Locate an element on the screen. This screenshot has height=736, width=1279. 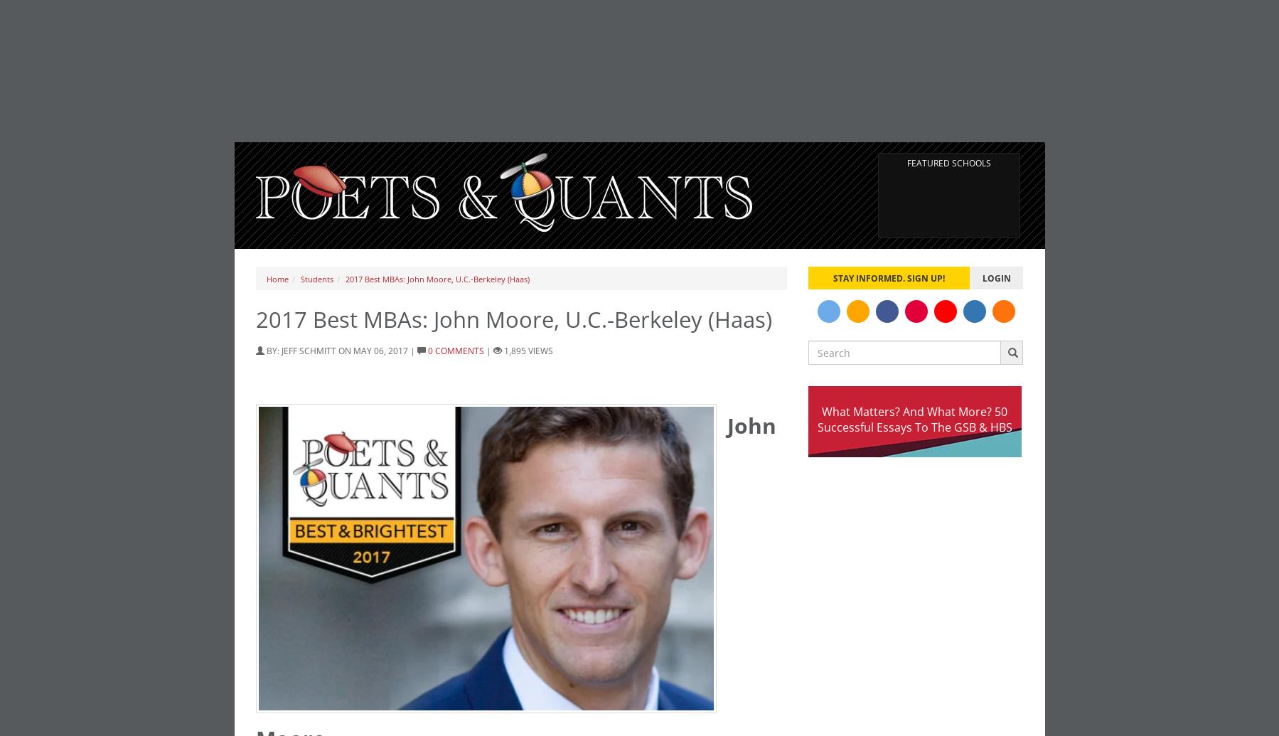
'GMAT 740, GPA 2:2 (UK Scoring)' is located at coordinates (616, 30).